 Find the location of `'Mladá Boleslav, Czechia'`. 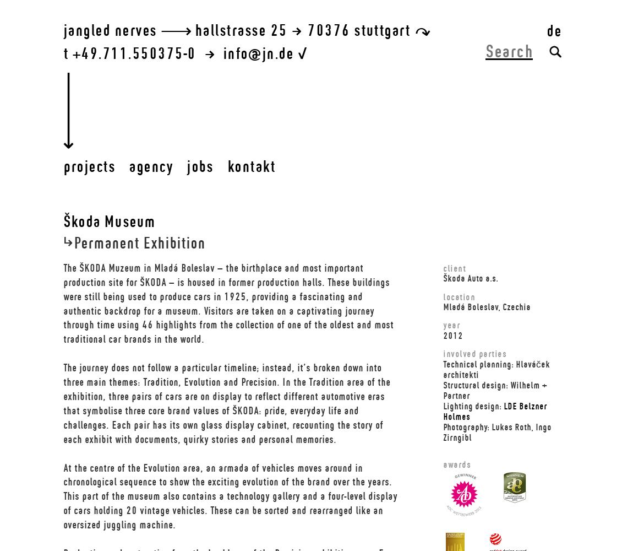

'Mladá Boleslav, Czechia' is located at coordinates (443, 306).